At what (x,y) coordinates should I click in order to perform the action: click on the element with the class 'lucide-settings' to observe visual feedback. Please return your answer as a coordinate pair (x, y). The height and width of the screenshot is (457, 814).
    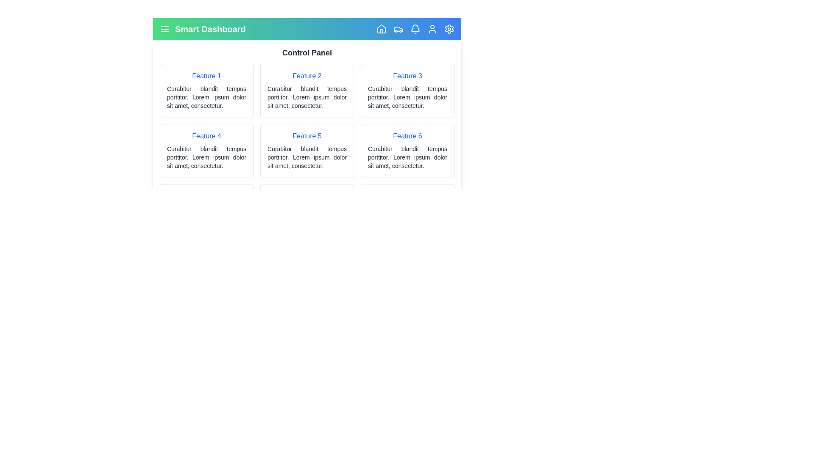
    Looking at the image, I should click on (449, 29).